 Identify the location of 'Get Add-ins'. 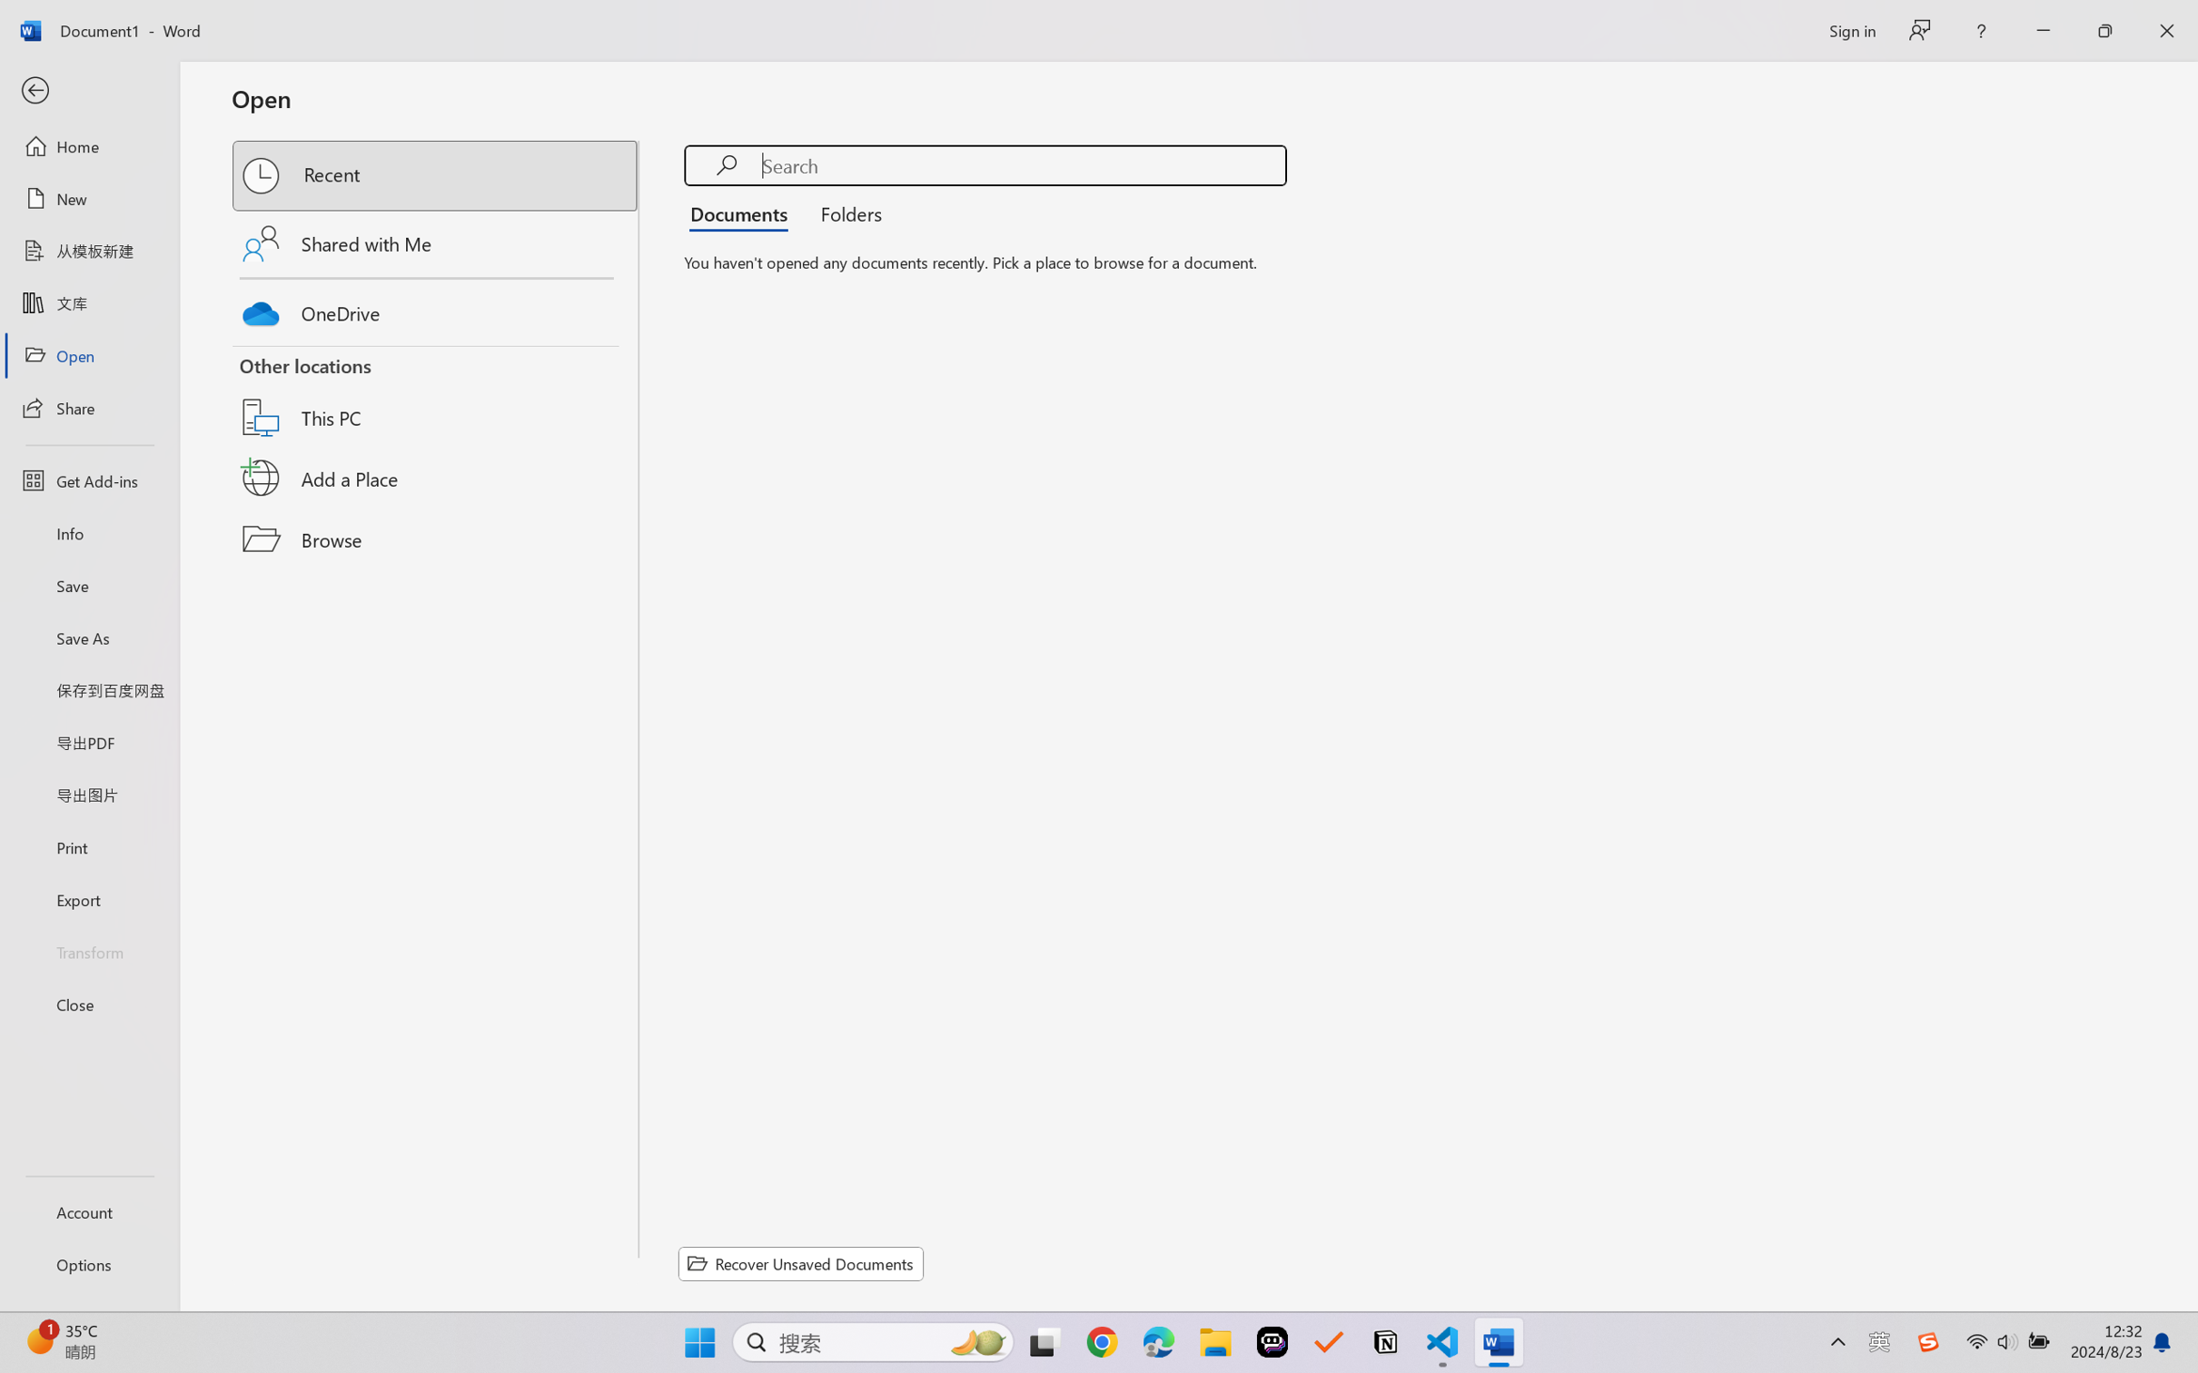
(88, 479).